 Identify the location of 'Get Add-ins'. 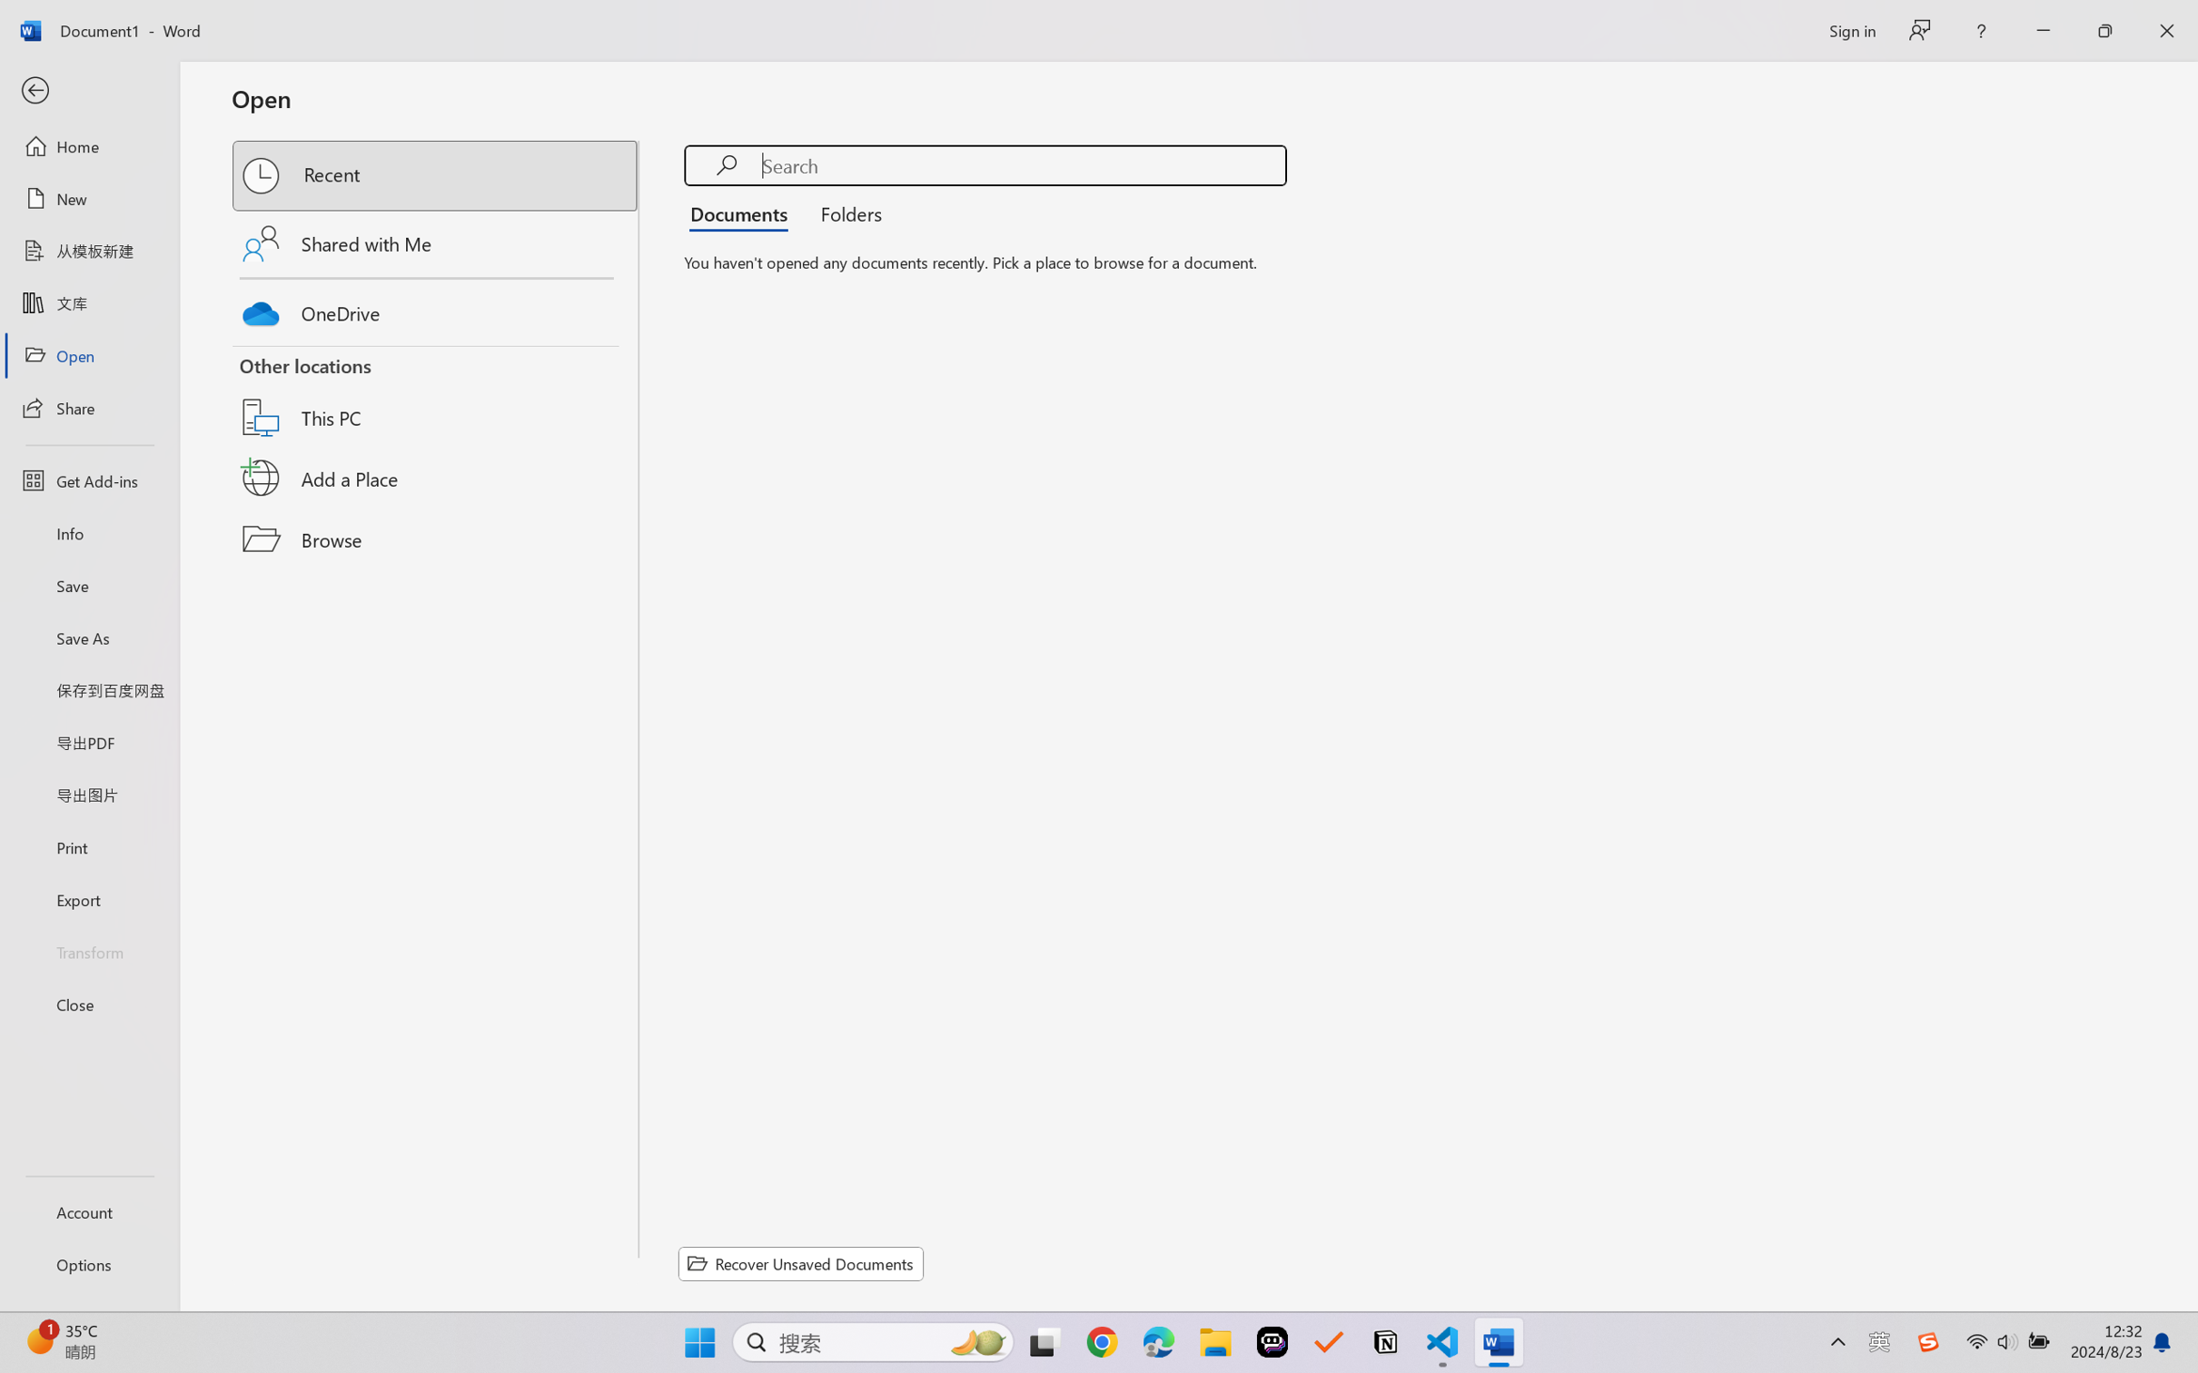
(88, 479).